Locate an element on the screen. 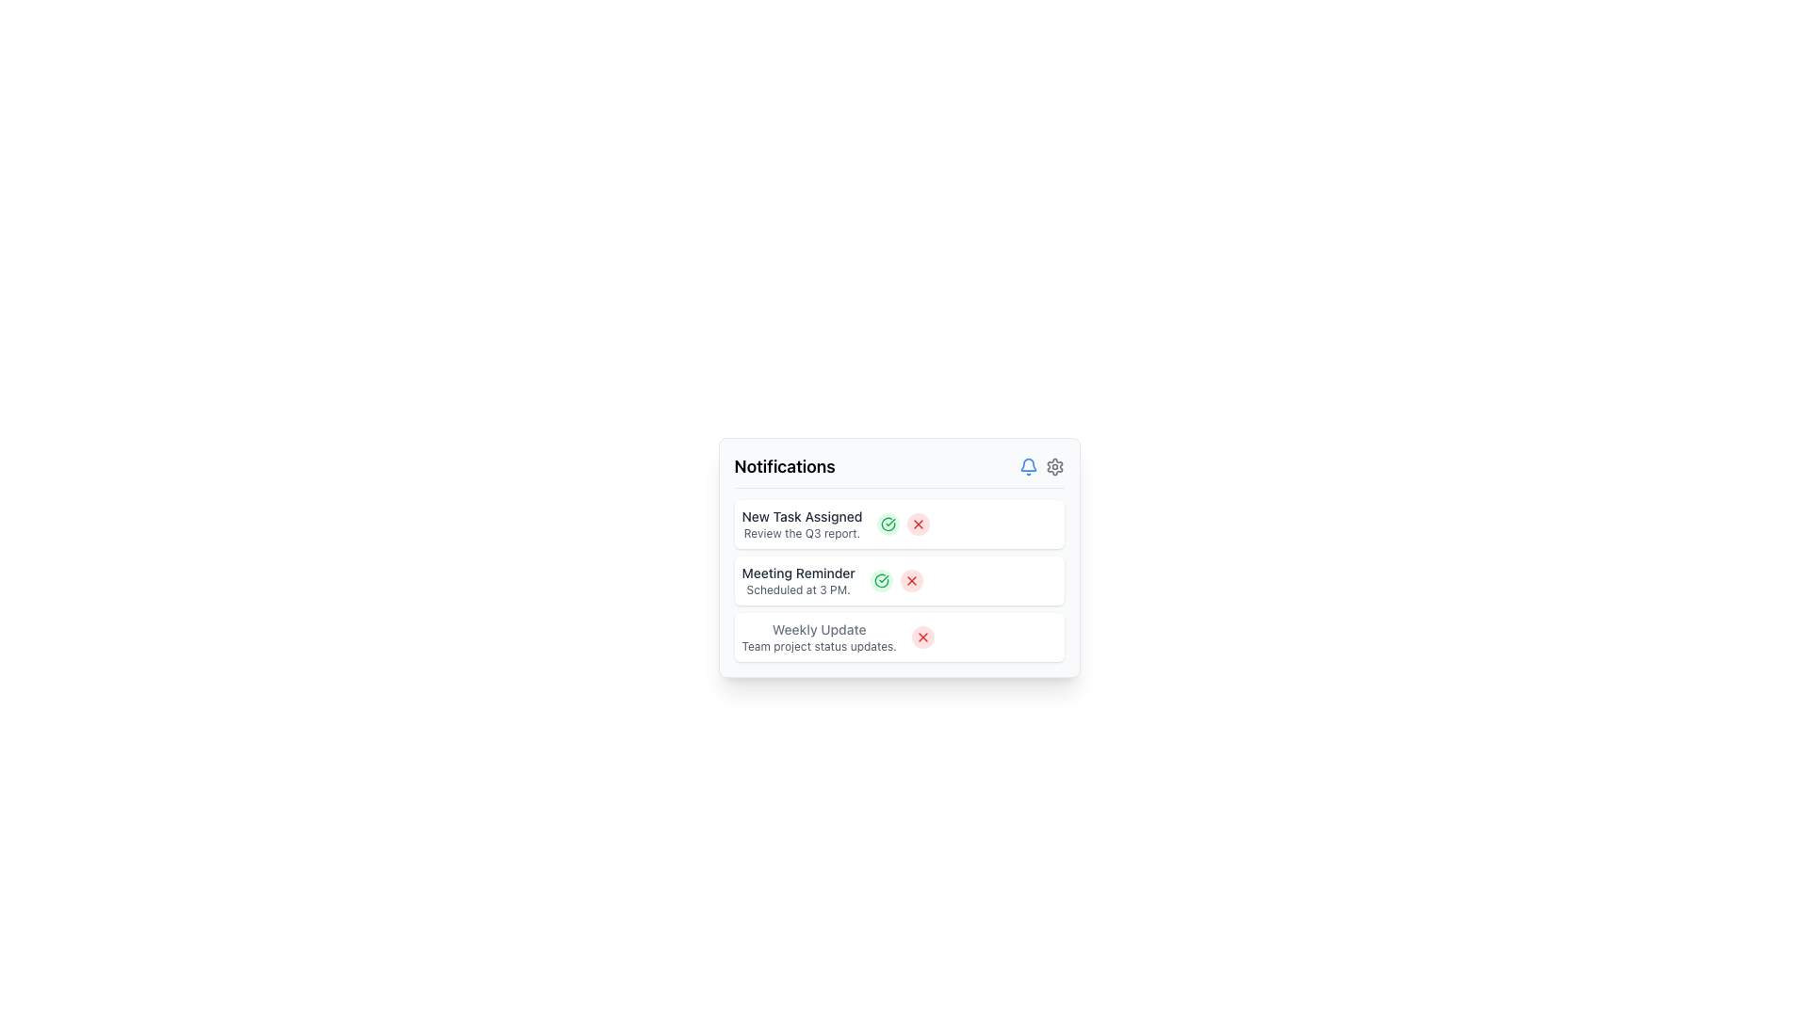 The width and height of the screenshot is (1809, 1017). text label element displaying 'Meeting Reminder' located in the Notifications section, positioned centrally below 'New Task Assigned' and above 'Weekly Update' is located at coordinates (798, 573).